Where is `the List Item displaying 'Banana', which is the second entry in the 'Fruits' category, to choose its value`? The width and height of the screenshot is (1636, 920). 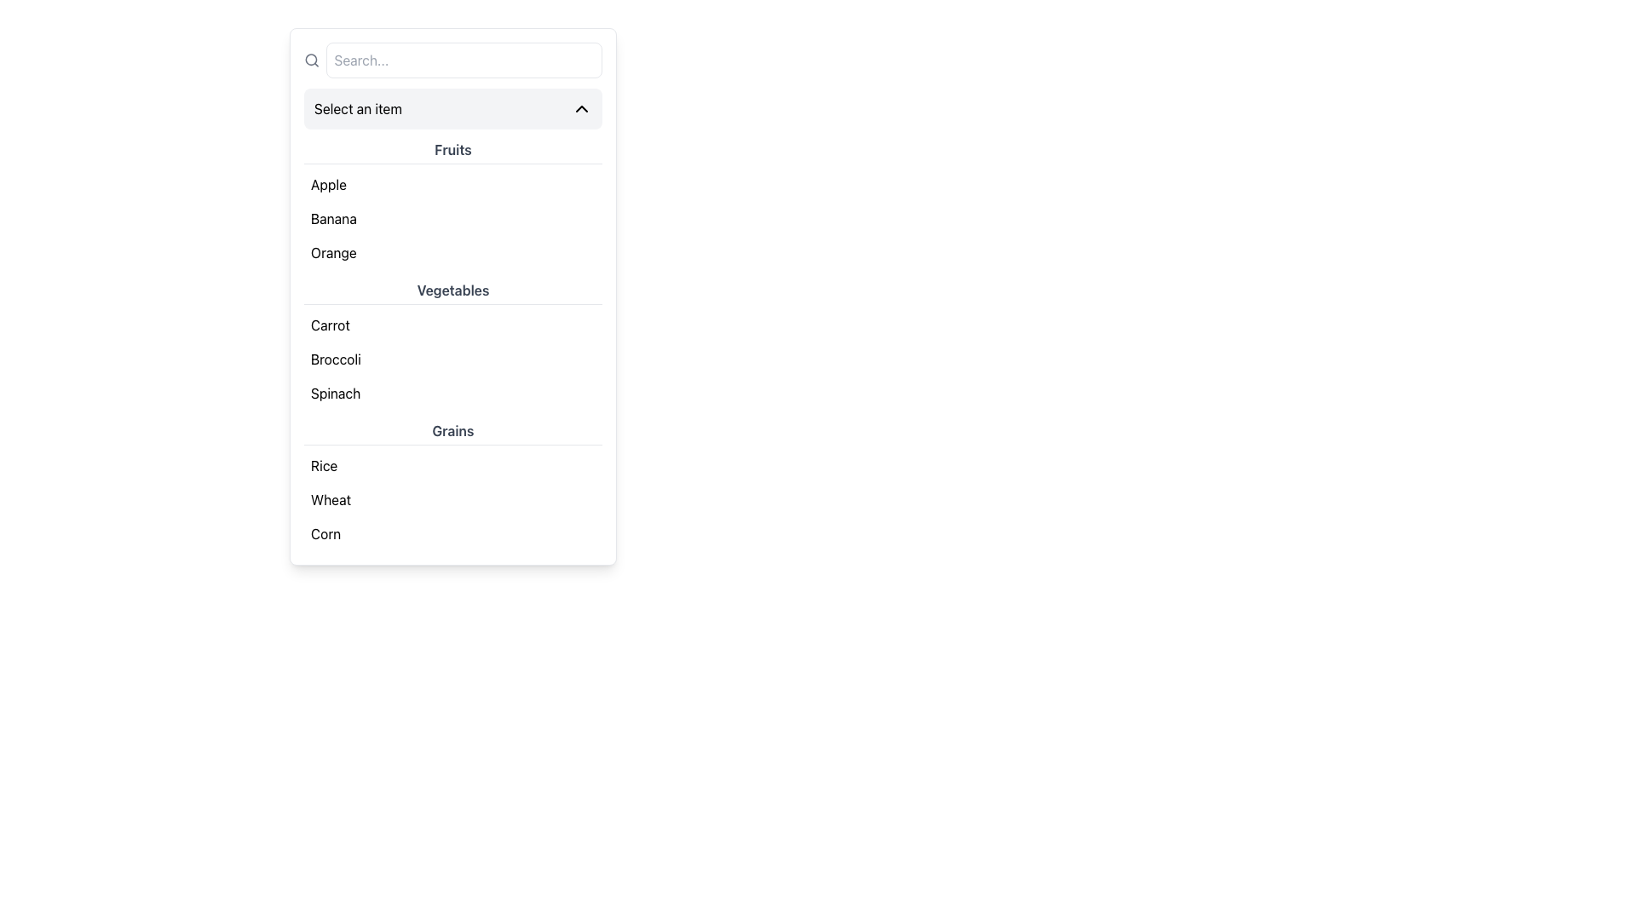 the List Item displaying 'Banana', which is the second entry in the 'Fruits' category, to choose its value is located at coordinates (453, 218).